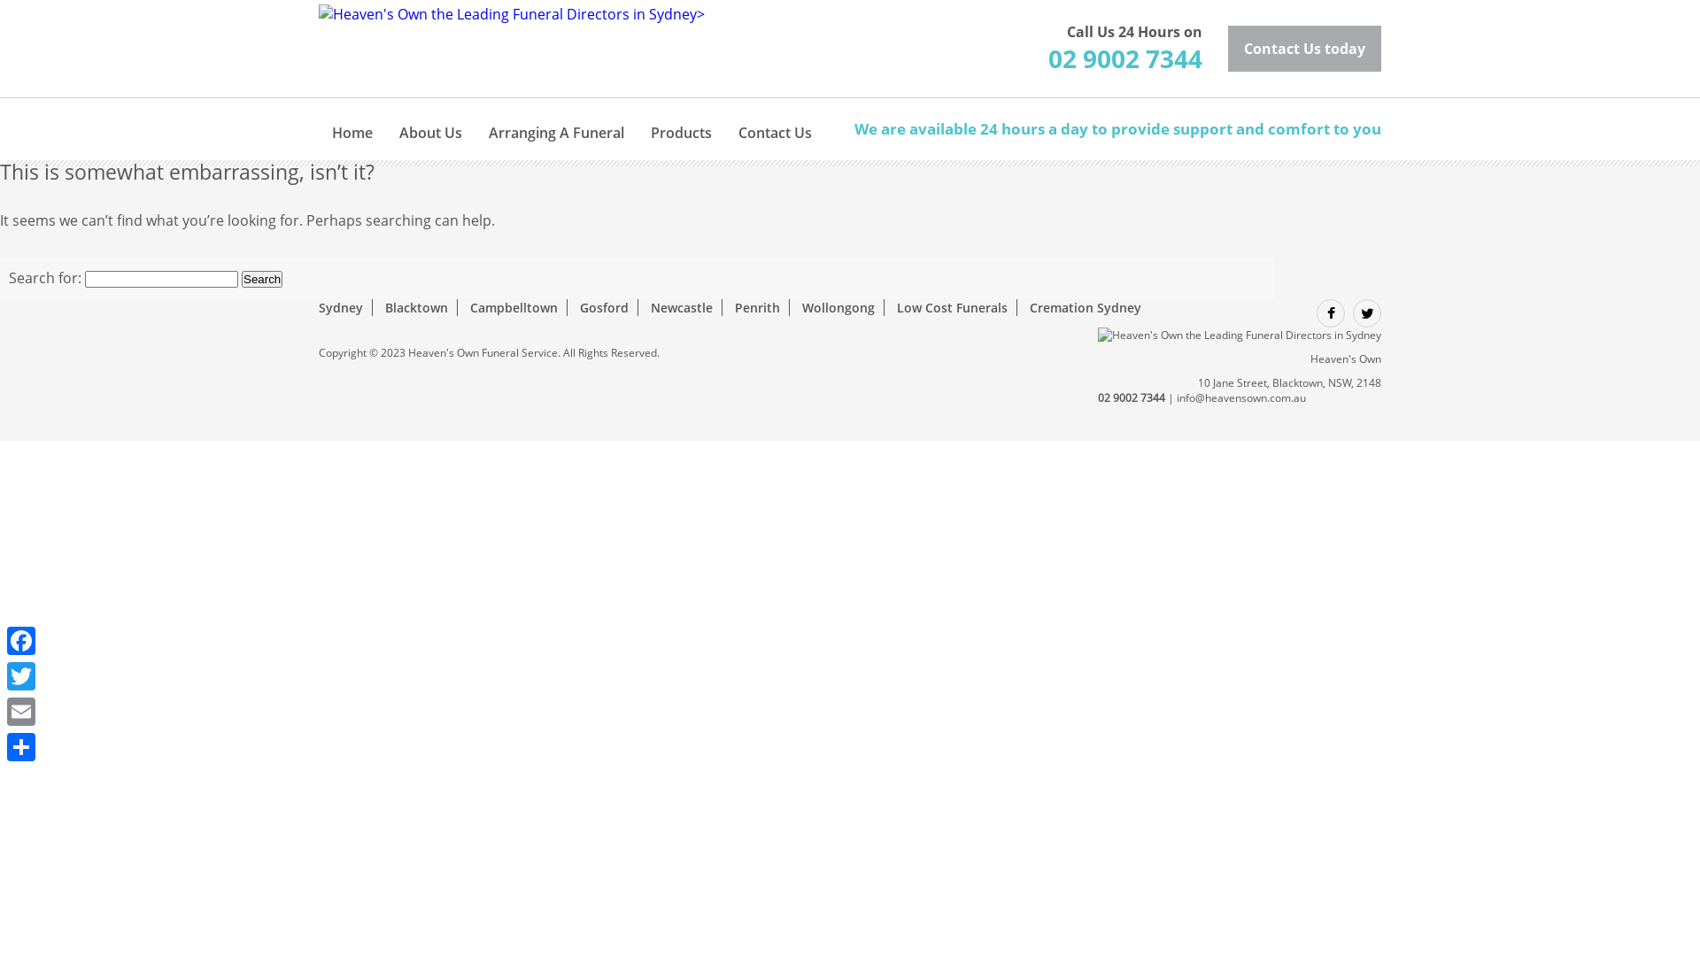 The height and width of the screenshot is (956, 1700). I want to click on 'Contact Us', so click(775, 121).